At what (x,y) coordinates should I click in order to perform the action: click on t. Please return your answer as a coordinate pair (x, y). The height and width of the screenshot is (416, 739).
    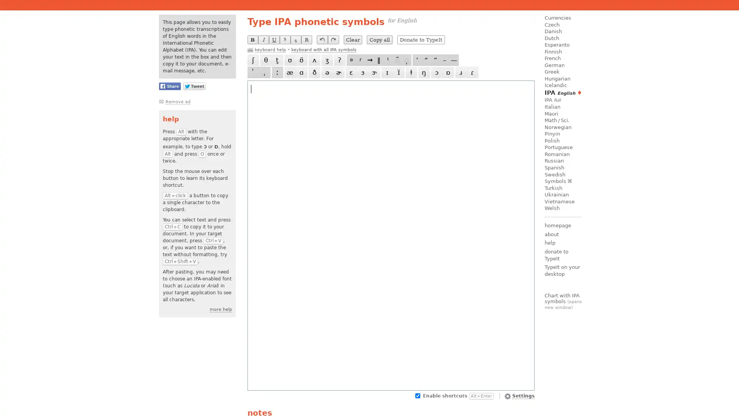
    Looking at the image, I should click on (277, 59).